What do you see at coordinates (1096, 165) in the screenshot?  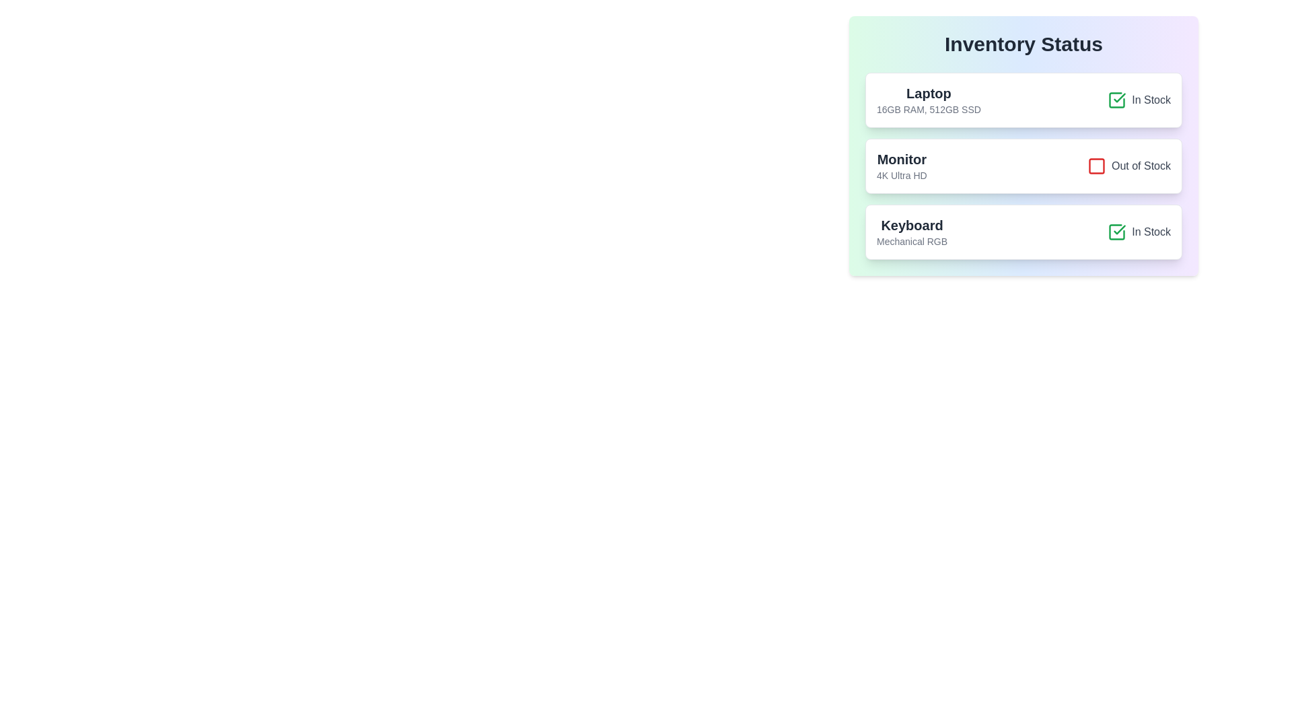 I see `'Out of Stock' status indicator icon for the inventory item titled 'Monitor' to debug its functionality` at bounding box center [1096, 165].